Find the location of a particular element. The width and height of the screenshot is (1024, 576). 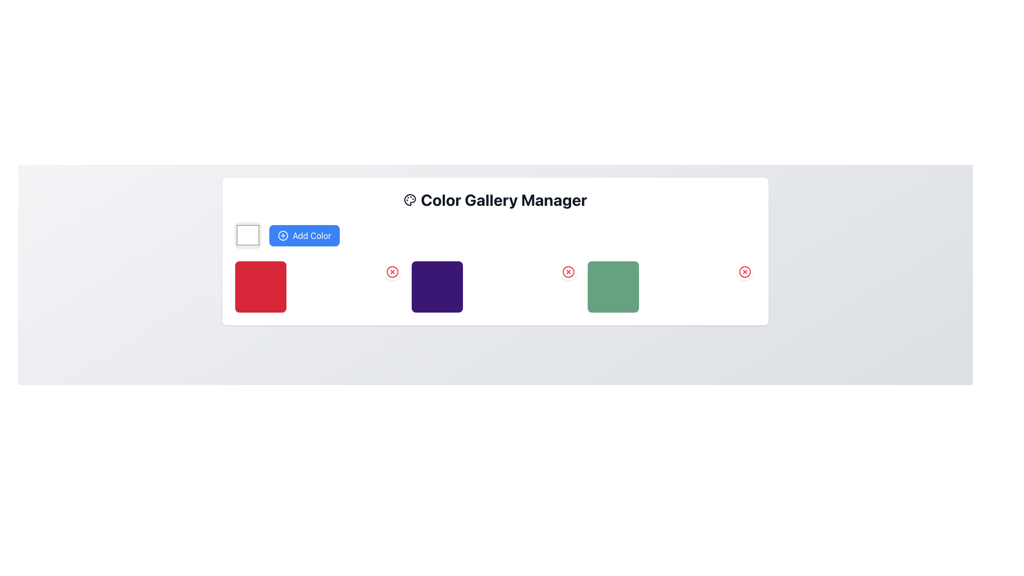

the 'X' button located at the top-right corner of the green square box in the panel, which is used to delete or remove the associated color box is located at coordinates (744, 271).